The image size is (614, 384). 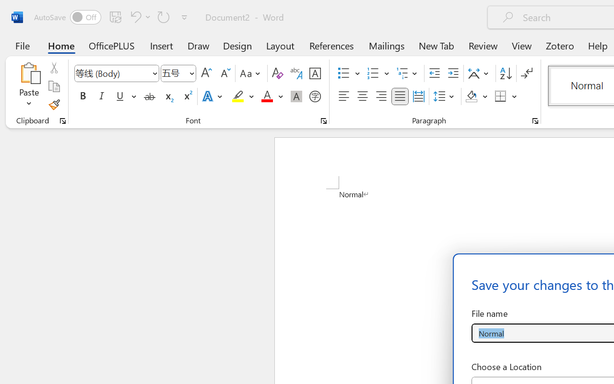 I want to click on 'Align Right', so click(x=380, y=96).